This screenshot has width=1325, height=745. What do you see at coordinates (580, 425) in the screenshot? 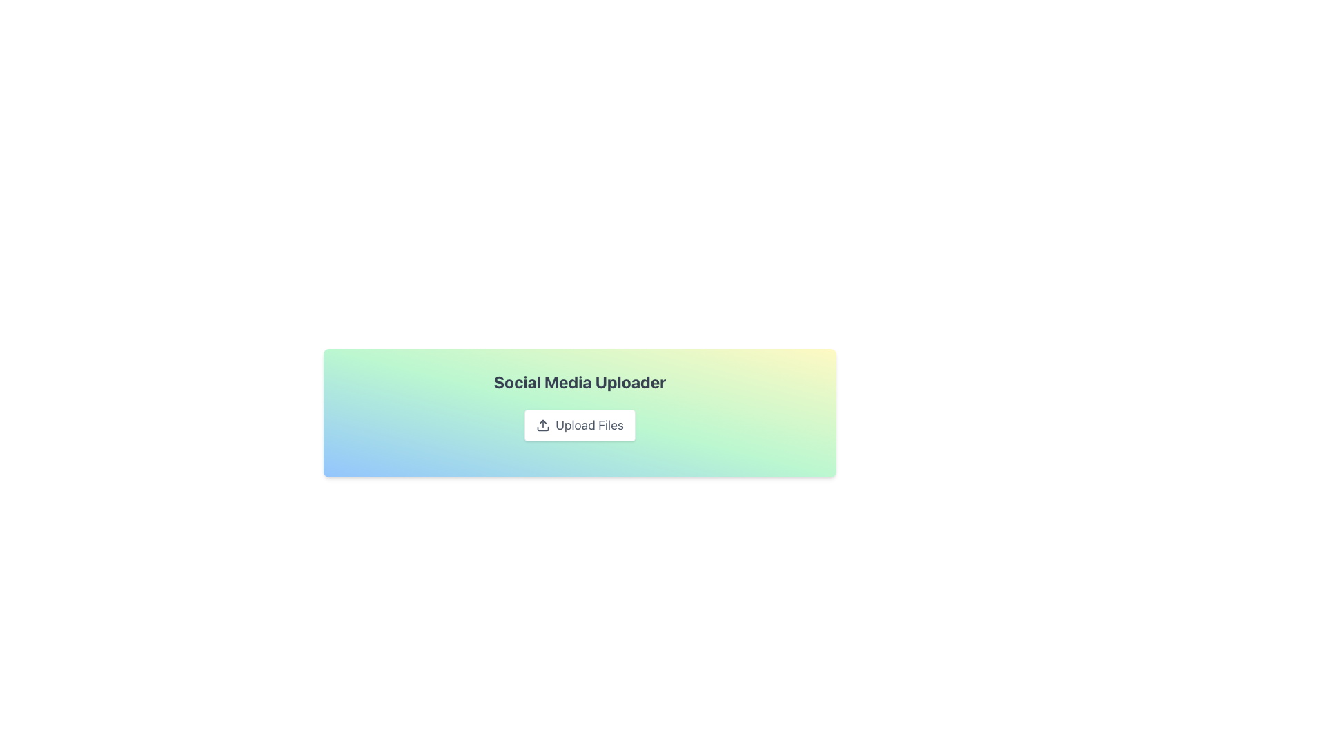
I see `the upload button located below the 'Social Media Uploader' heading` at bounding box center [580, 425].